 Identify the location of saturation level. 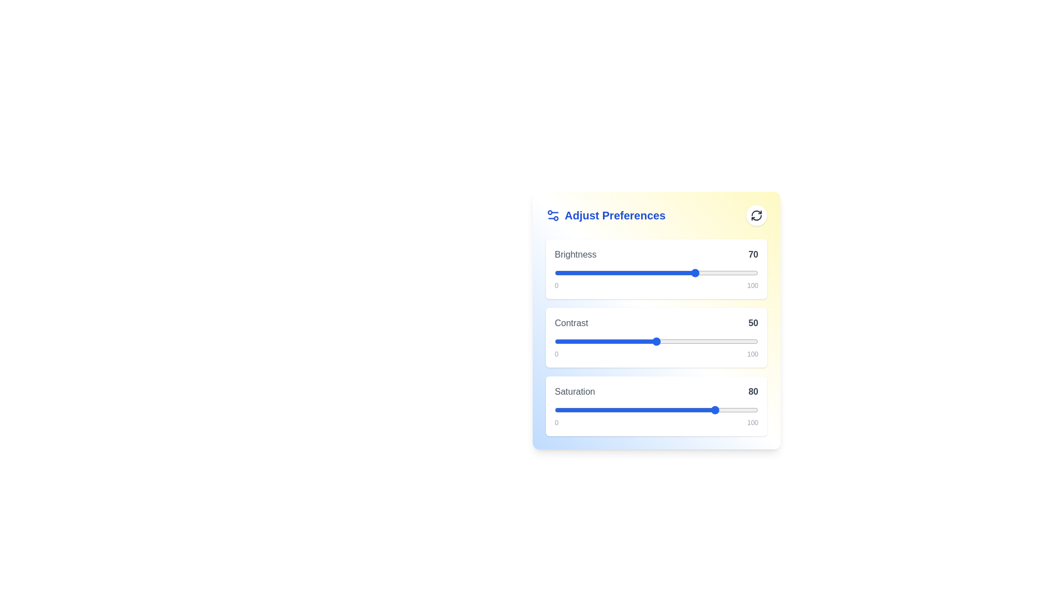
(592, 410).